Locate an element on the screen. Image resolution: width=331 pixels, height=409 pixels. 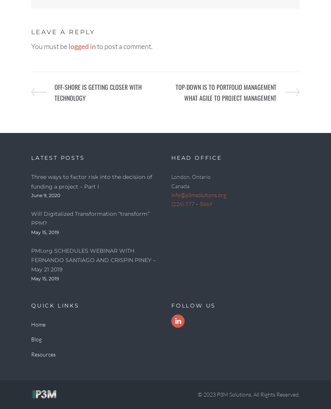
'Blog' is located at coordinates (36, 339).